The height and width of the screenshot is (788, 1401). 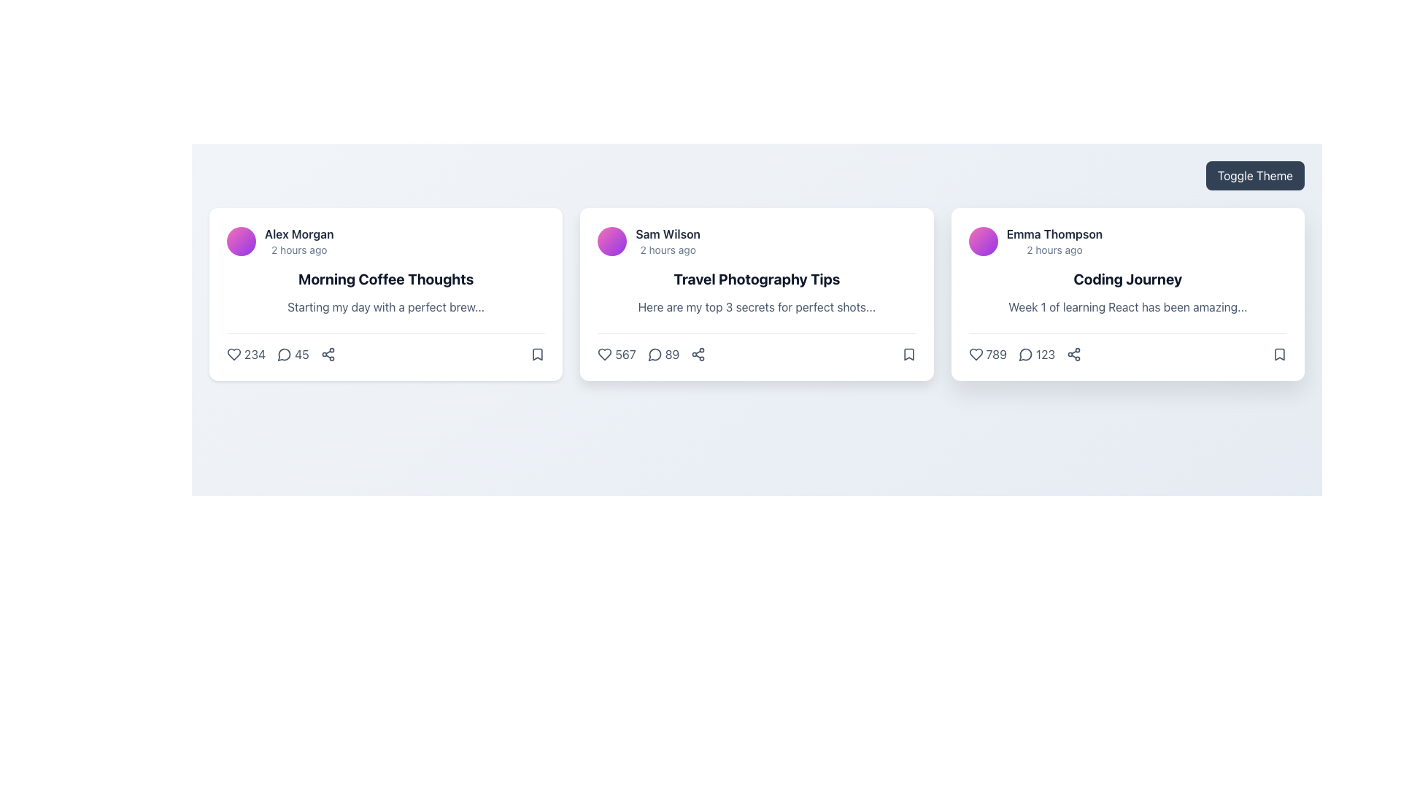 What do you see at coordinates (281, 355) in the screenshot?
I see `the interactive comment icon with the numeric label '45'` at bounding box center [281, 355].